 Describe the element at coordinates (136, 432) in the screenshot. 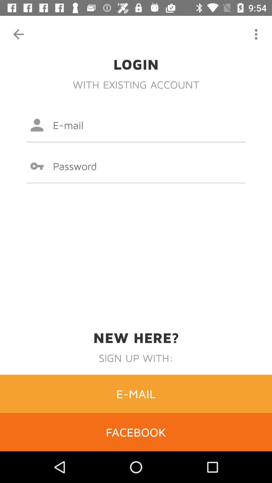

I see `icon below the e-mail` at that location.